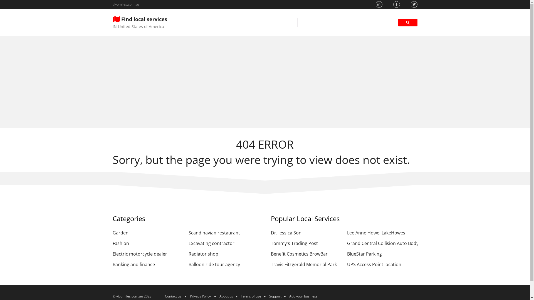 This screenshot has width=534, height=300. What do you see at coordinates (224, 243) in the screenshot?
I see `'Excavating contractor'` at bounding box center [224, 243].